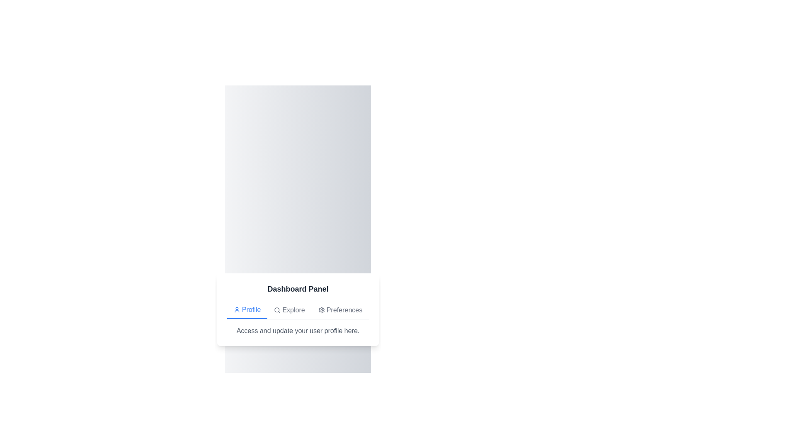 Image resolution: width=797 pixels, height=448 pixels. Describe the element at coordinates (298, 330) in the screenshot. I see `text label containing 'Access and update your user profile here.' positioned below the navigation menu in the Dashboard Panel` at that location.